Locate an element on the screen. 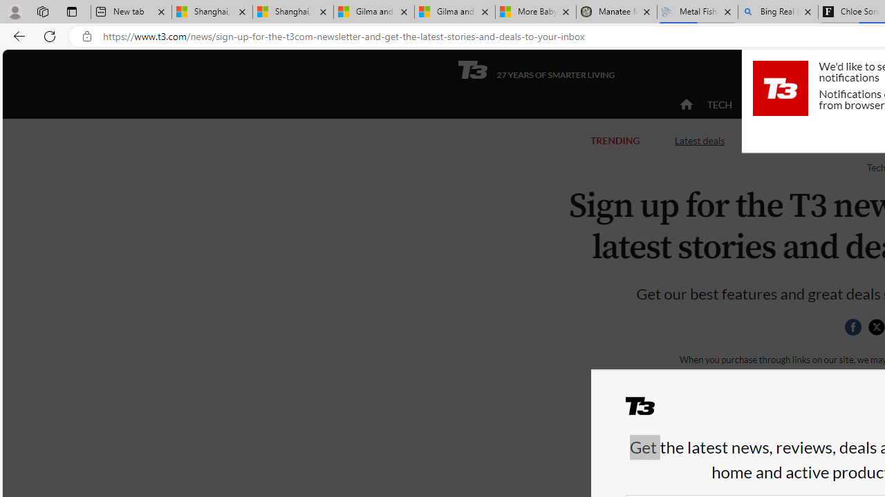 This screenshot has width=885, height=497. 'T3' is located at coordinates (648, 410).